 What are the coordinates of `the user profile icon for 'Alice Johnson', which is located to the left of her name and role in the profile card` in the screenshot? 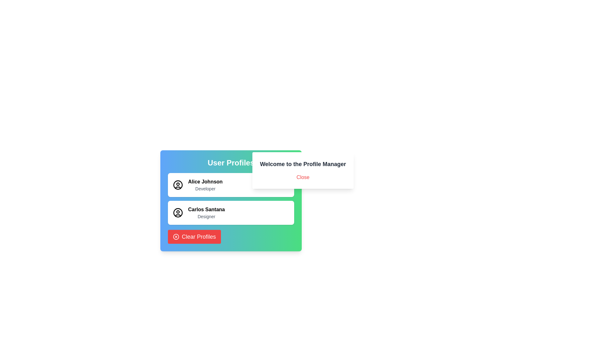 It's located at (178, 185).